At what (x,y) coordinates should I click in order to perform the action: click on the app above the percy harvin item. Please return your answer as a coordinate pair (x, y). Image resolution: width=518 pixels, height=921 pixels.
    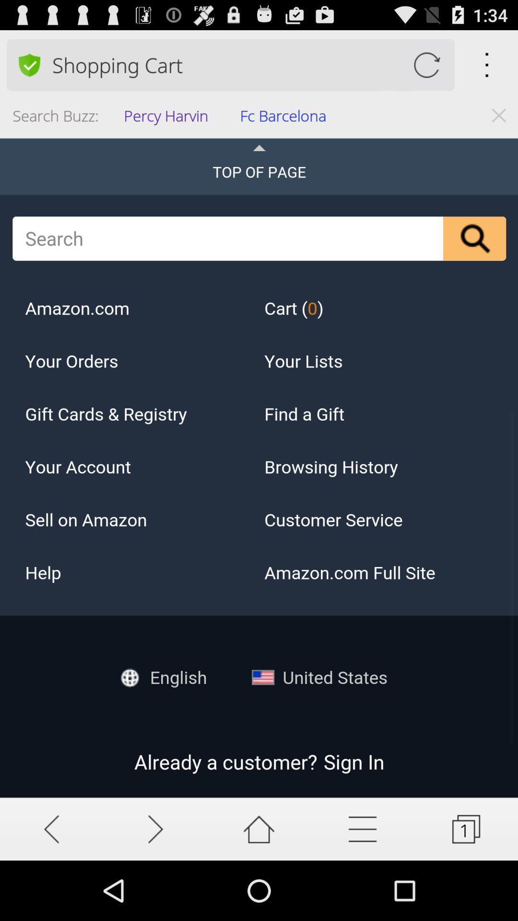
    Looking at the image, I should click on (253, 64).